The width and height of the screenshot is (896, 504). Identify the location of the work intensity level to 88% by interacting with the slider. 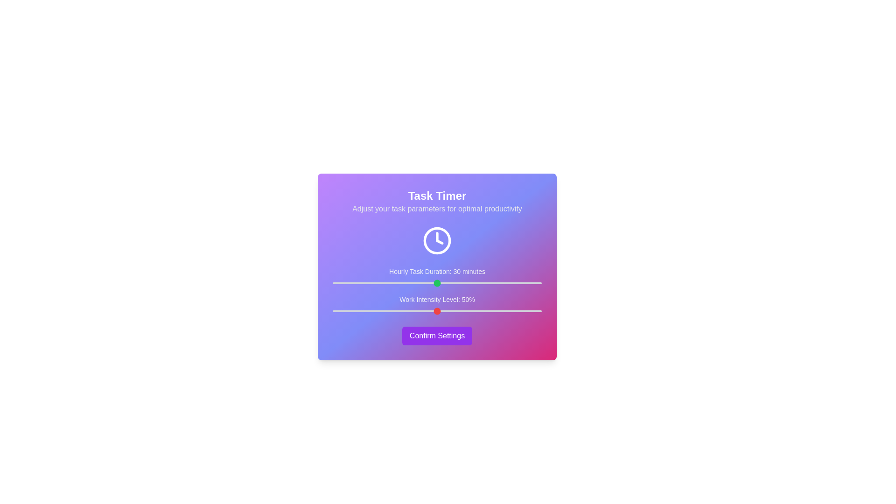
(516, 311).